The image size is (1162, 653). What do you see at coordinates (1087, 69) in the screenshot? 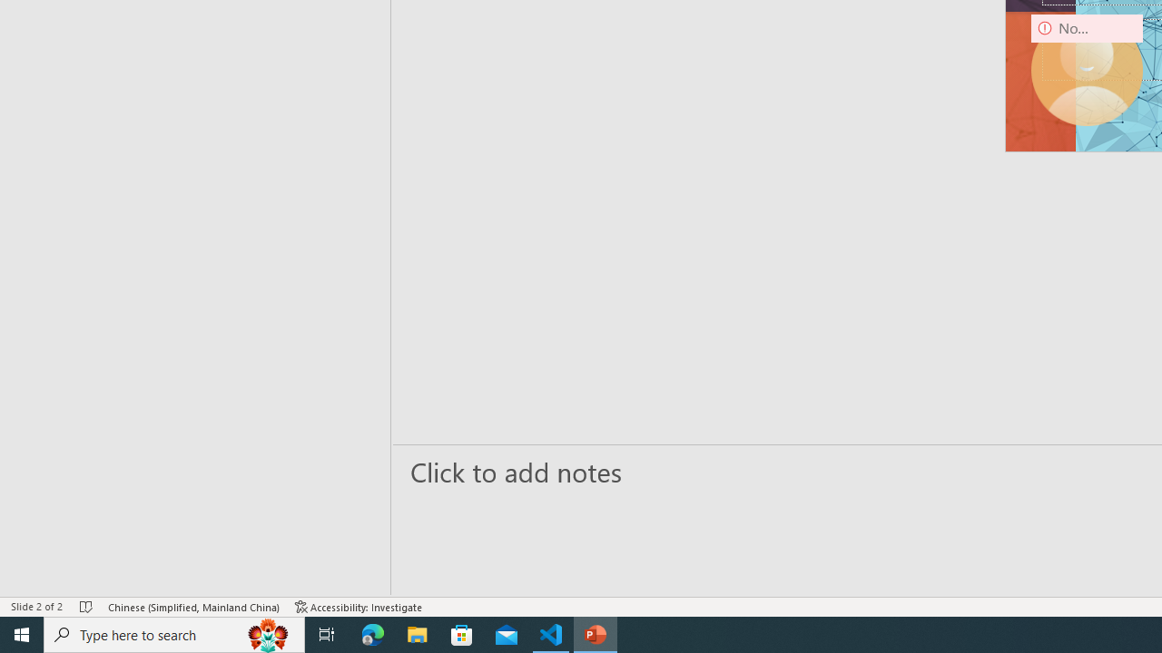
I see `'Camera 9, No camera detected.'` at bounding box center [1087, 69].